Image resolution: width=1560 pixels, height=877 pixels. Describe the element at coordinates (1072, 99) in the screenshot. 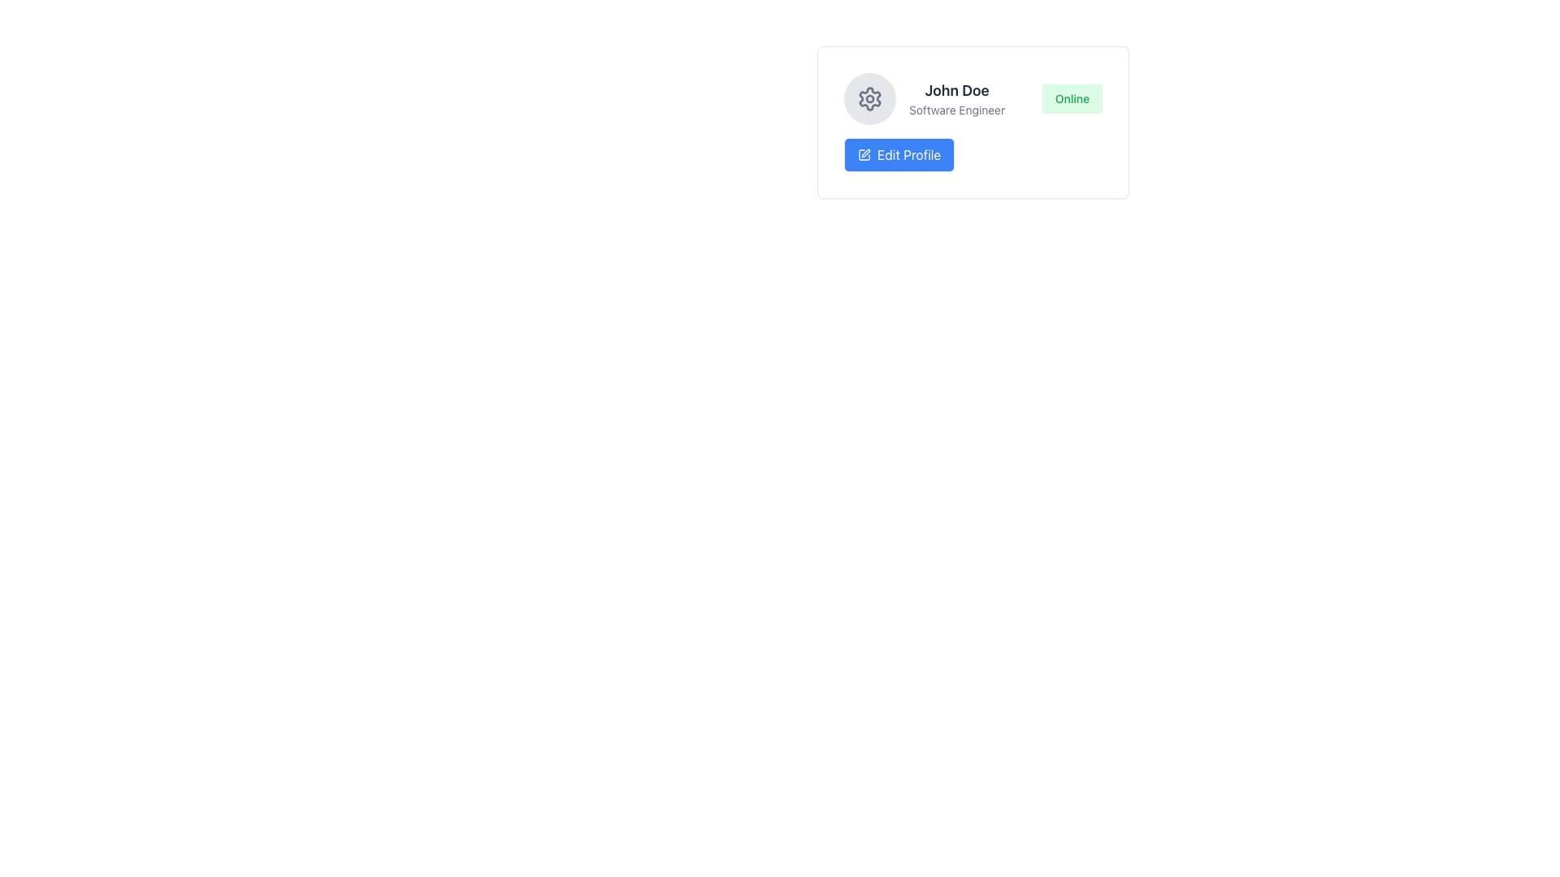

I see `the status indicator button located in the top-right corner of the profile card` at that location.